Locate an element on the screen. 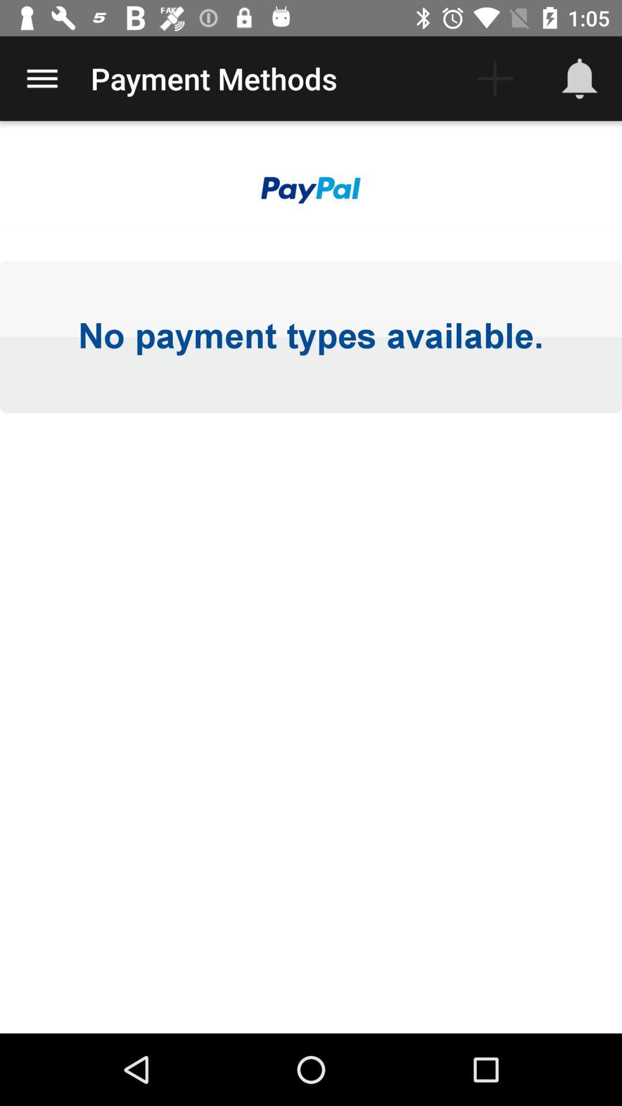  the item to the left of the payment methods item is located at coordinates (41, 78).